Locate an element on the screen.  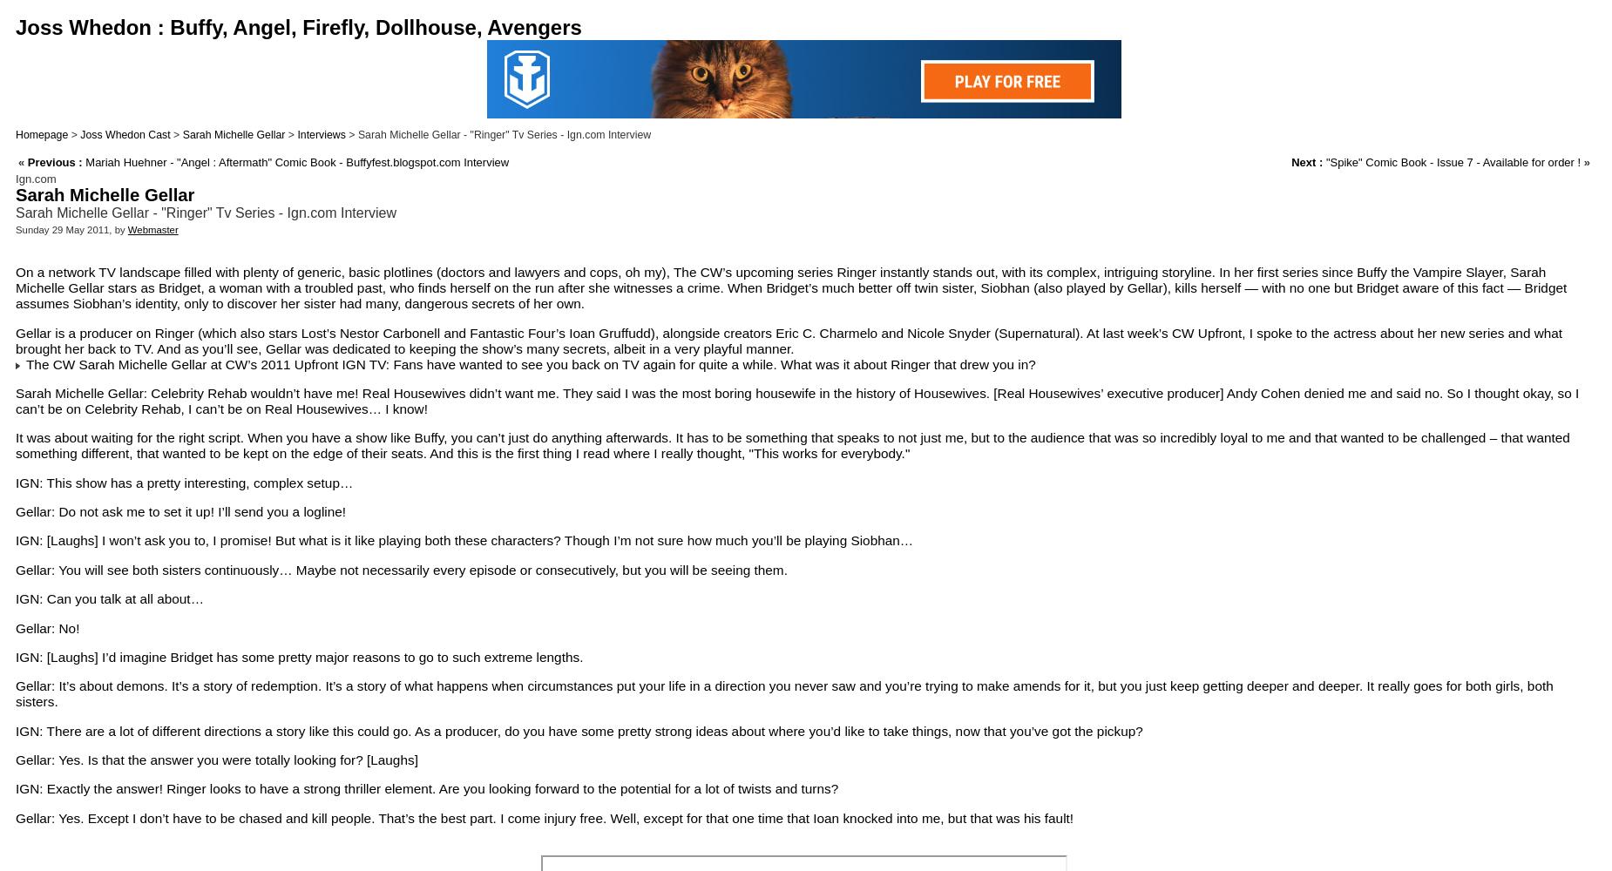
'> Sarah Michelle Gellar - "Ringer" Tv Series - Ign.com Interview' is located at coordinates (344, 135).